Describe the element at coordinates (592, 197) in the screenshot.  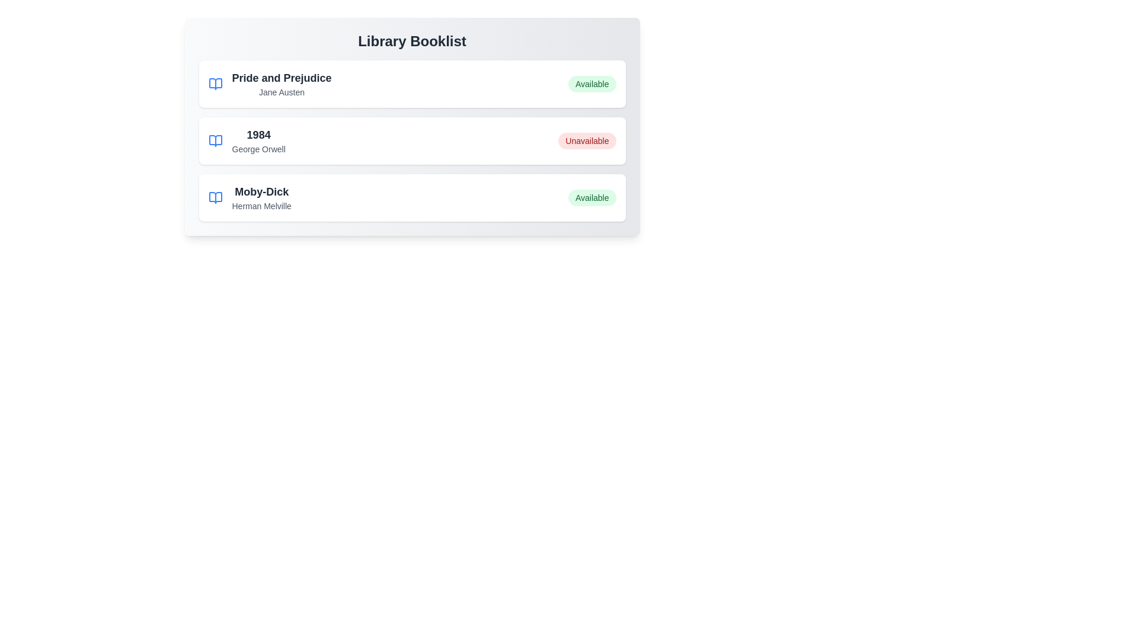
I see `the availability button for the book titled Moby-Dick` at that location.